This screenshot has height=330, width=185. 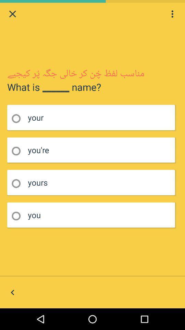 I want to click on the close icon, so click(x=12, y=14).